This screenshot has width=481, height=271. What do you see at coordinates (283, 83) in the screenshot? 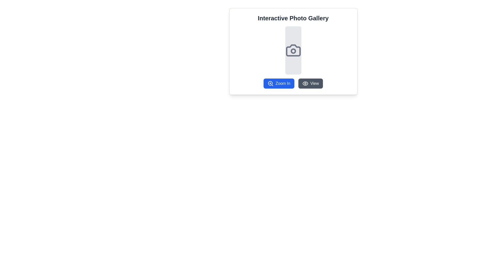
I see `the text label that indicates the zoom in functionality located in a button group below the main visual area, to the left of the 'View' button` at bounding box center [283, 83].